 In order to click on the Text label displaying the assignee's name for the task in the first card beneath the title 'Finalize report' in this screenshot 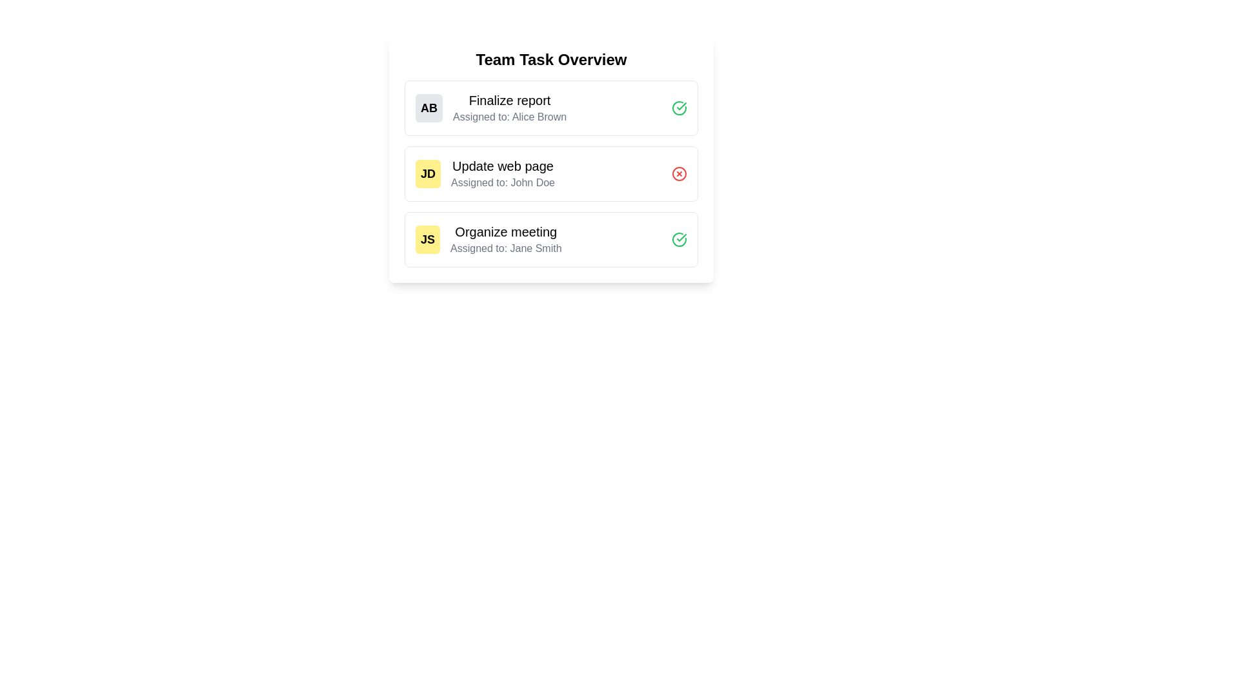, I will do `click(509, 117)`.